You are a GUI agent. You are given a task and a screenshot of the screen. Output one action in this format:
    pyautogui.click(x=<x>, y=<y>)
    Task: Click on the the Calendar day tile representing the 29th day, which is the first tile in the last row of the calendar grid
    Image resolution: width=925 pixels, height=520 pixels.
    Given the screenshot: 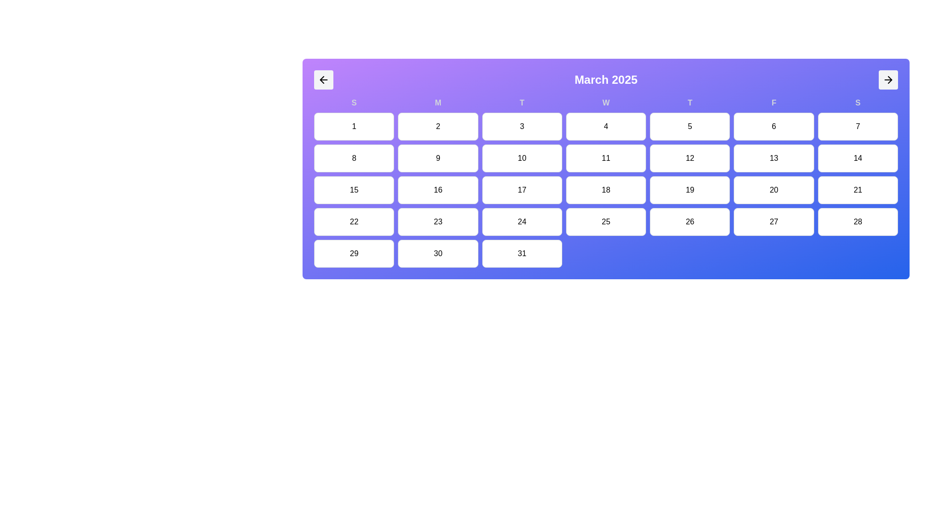 What is the action you would take?
    pyautogui.click(x=354, y=253)
    